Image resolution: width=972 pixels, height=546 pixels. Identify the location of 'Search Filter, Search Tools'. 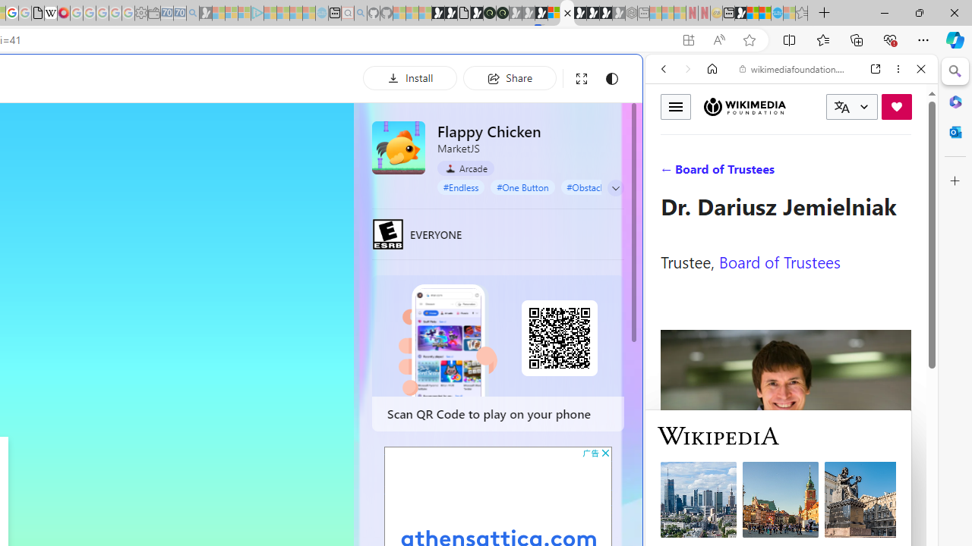
(829, 172).